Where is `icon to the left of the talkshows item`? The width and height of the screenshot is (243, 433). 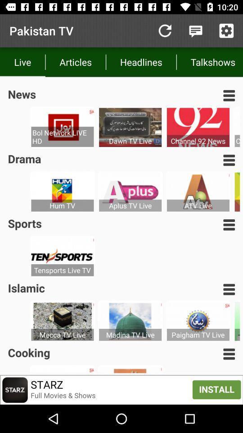 icon to the left of the talkshows item is located at coordinates (141, 61).